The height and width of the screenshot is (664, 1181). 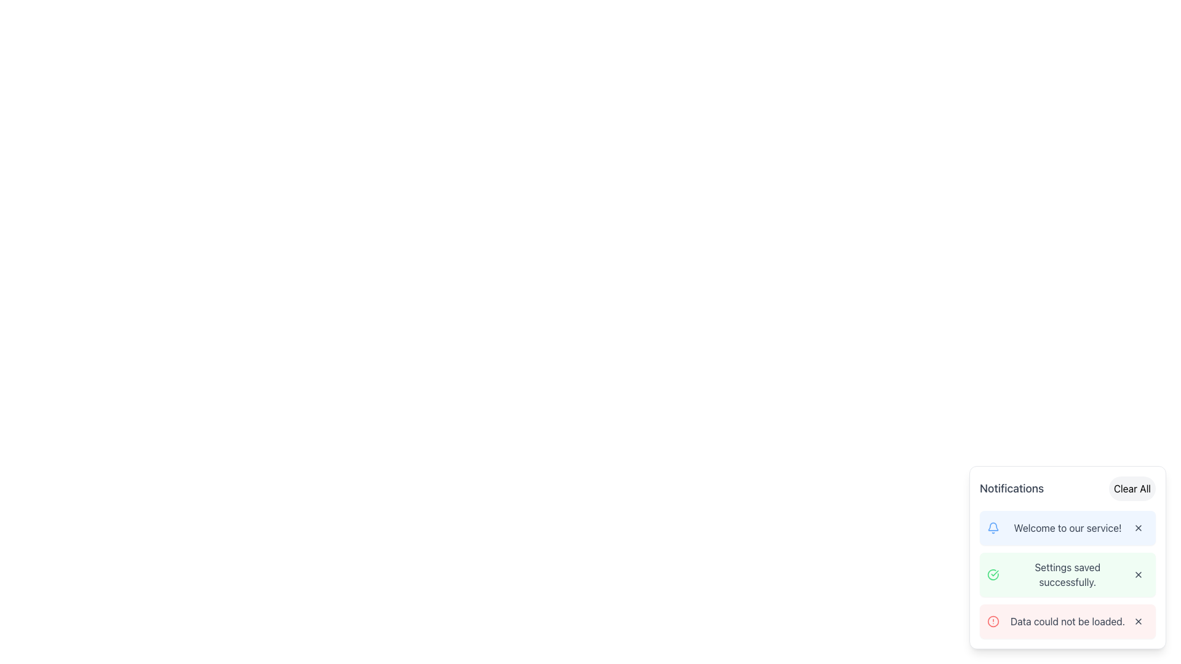 What do you see at coordinates (1138, 528) in the screenshot?
I see `the close icon button resembling an 'X' located to the right of the notification stating 'Welcome to our service!'` at bounding box center [1138, 528].